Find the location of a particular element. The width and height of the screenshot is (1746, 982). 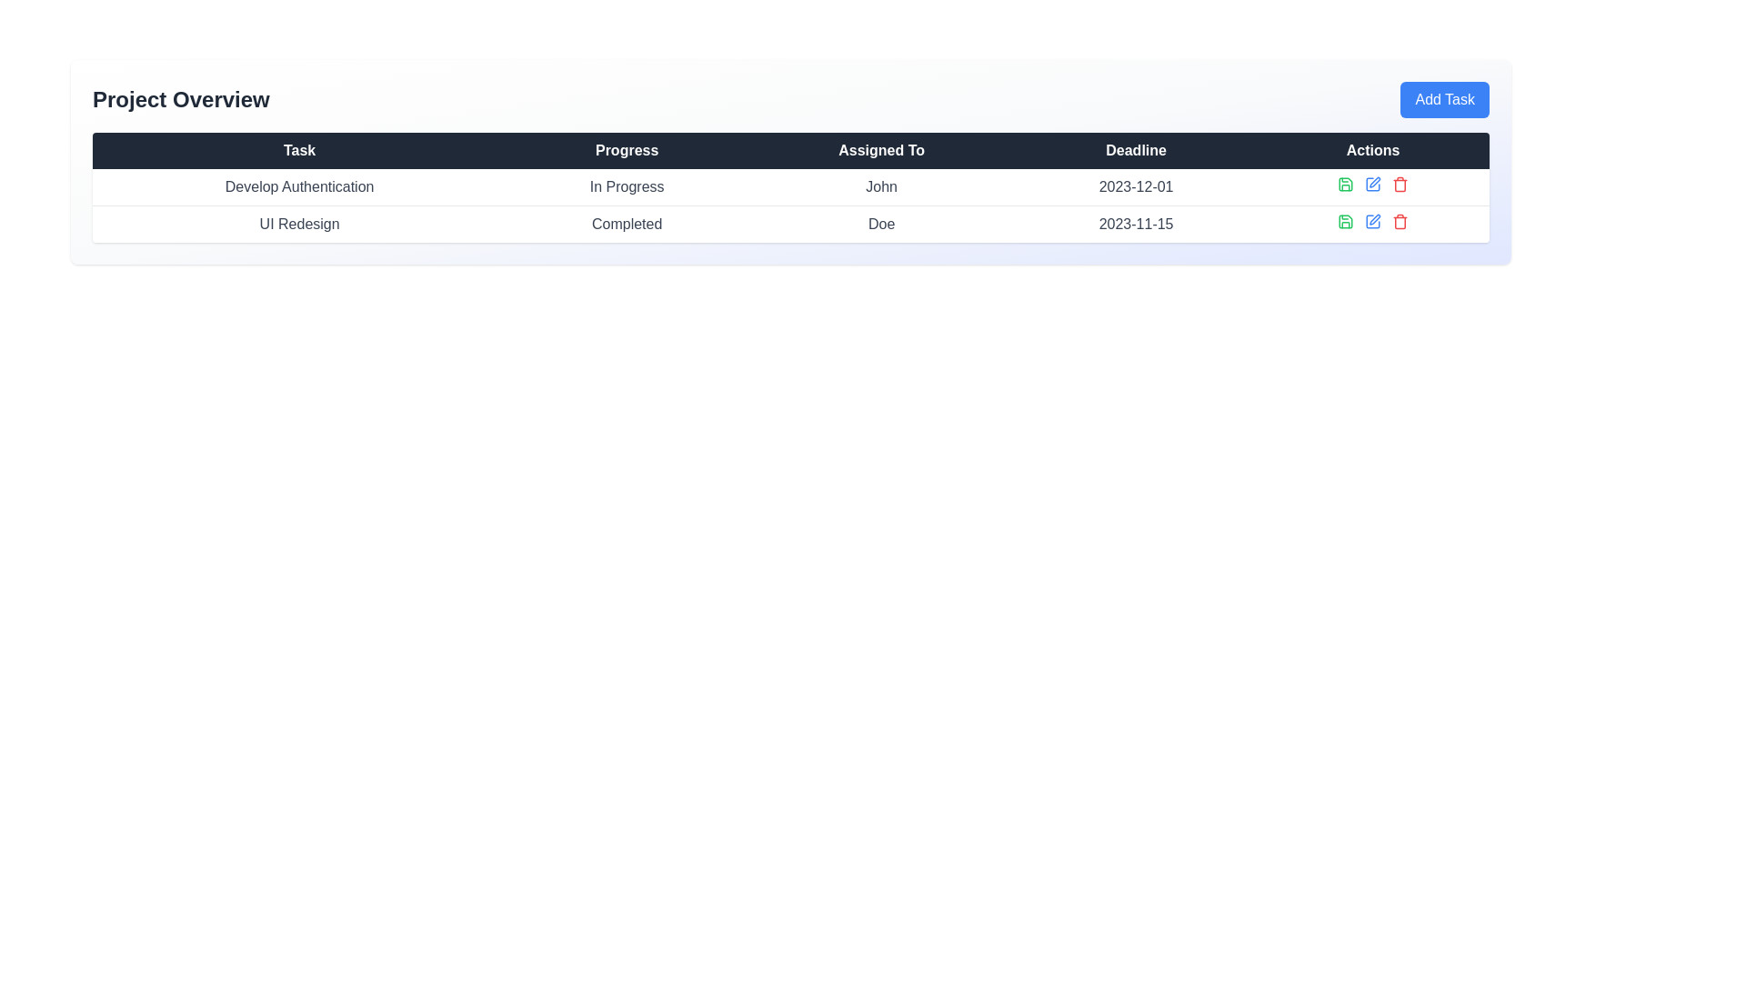

the red-colored trash bin icon in the 'Actions' column of the second row, aligned with the 'UI Redesign' task is located at coordinates (1400, 220).